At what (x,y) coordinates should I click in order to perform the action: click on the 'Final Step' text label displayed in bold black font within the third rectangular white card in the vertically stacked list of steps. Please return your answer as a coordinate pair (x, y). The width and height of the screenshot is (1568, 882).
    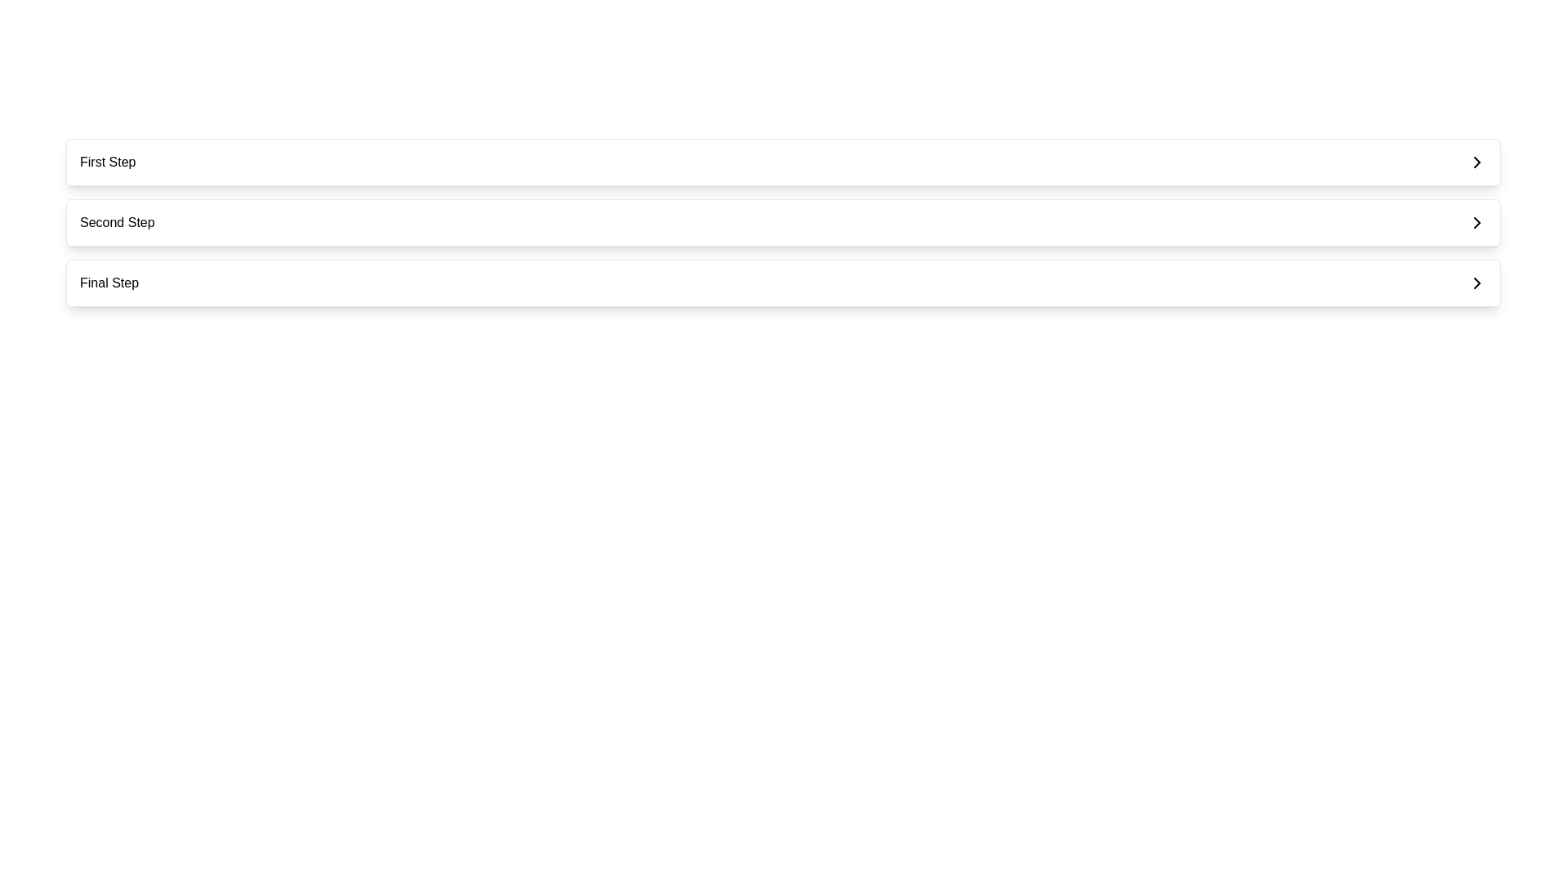
    Looking at the image, I should click on (109, 283).